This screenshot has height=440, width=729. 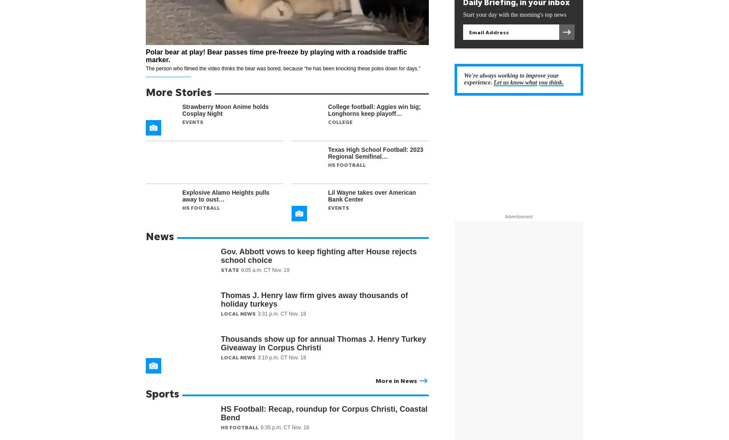 What do you see at coordinates (322, 343) in the screenshot?
I see `'Thousands show up for annual Thomas J. Henry Turkey Giveaway in Corpus Christi'` at bounding box center [322, 343].